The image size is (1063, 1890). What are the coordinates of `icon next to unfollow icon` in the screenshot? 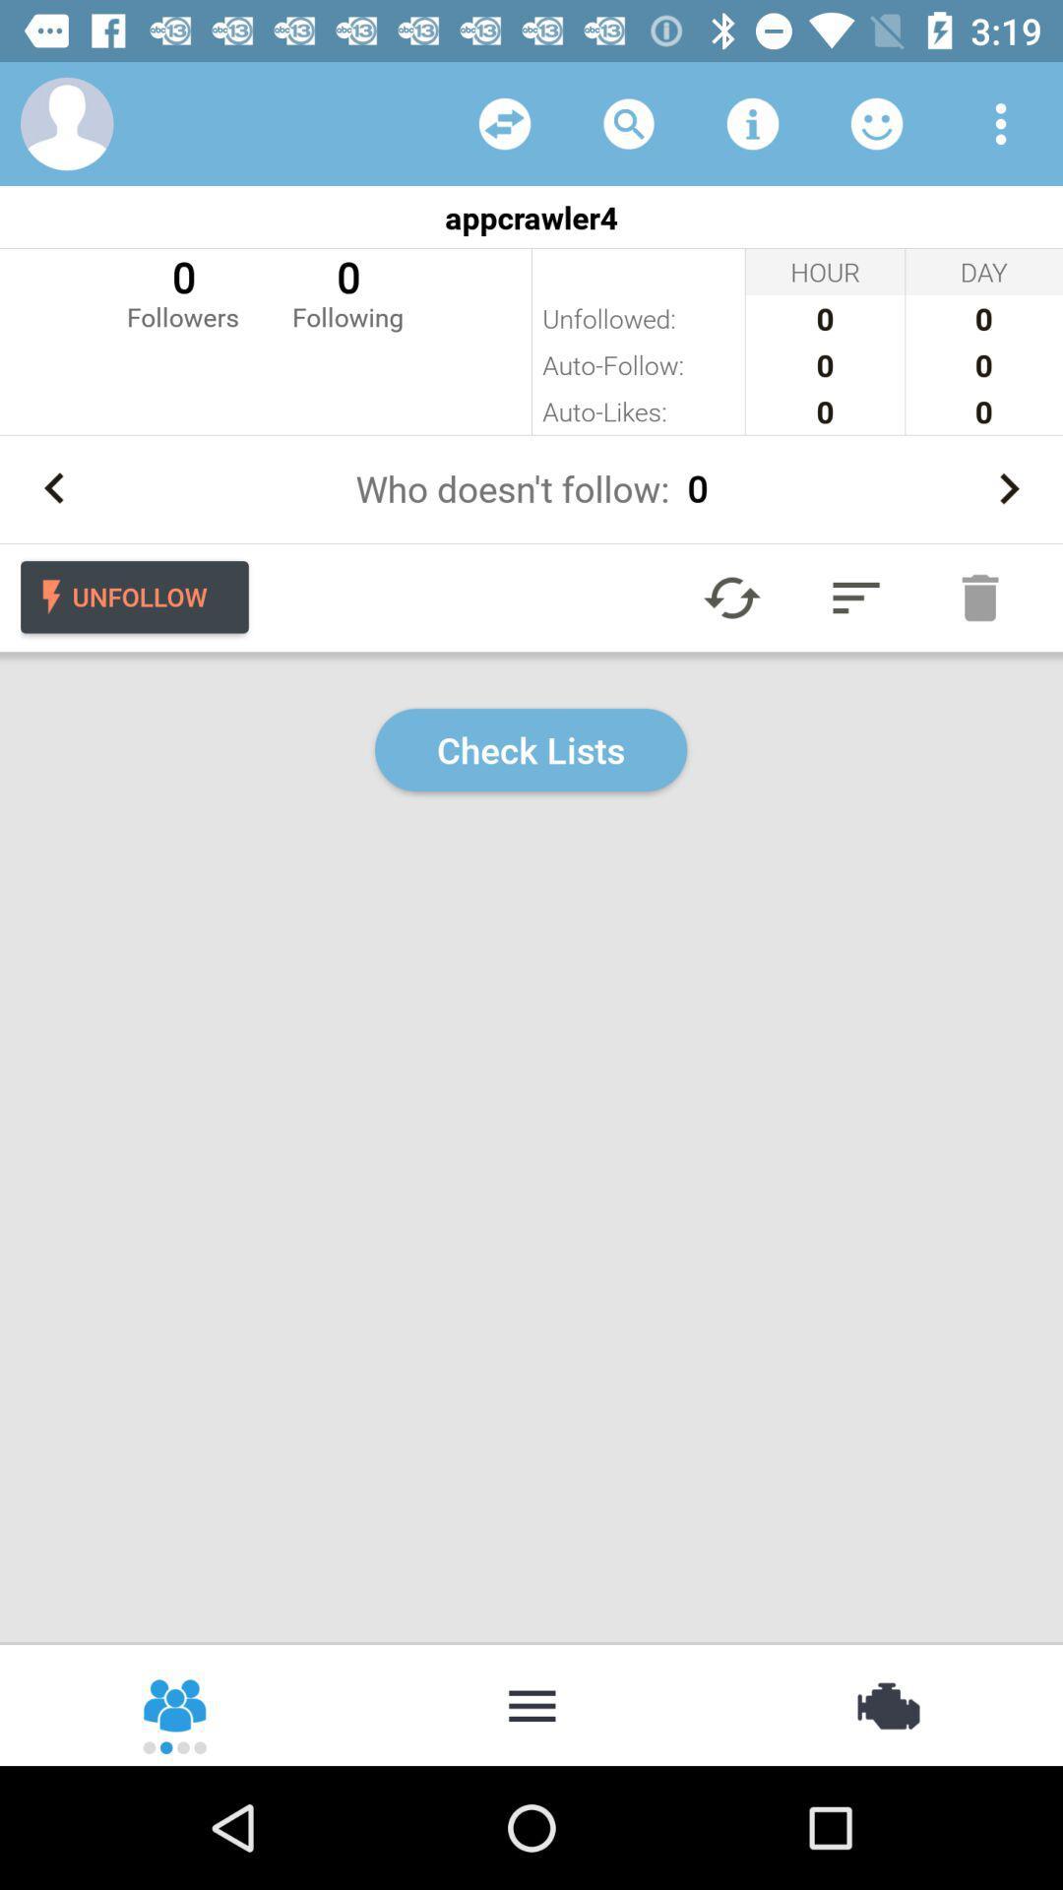 It's located at (732, 597).